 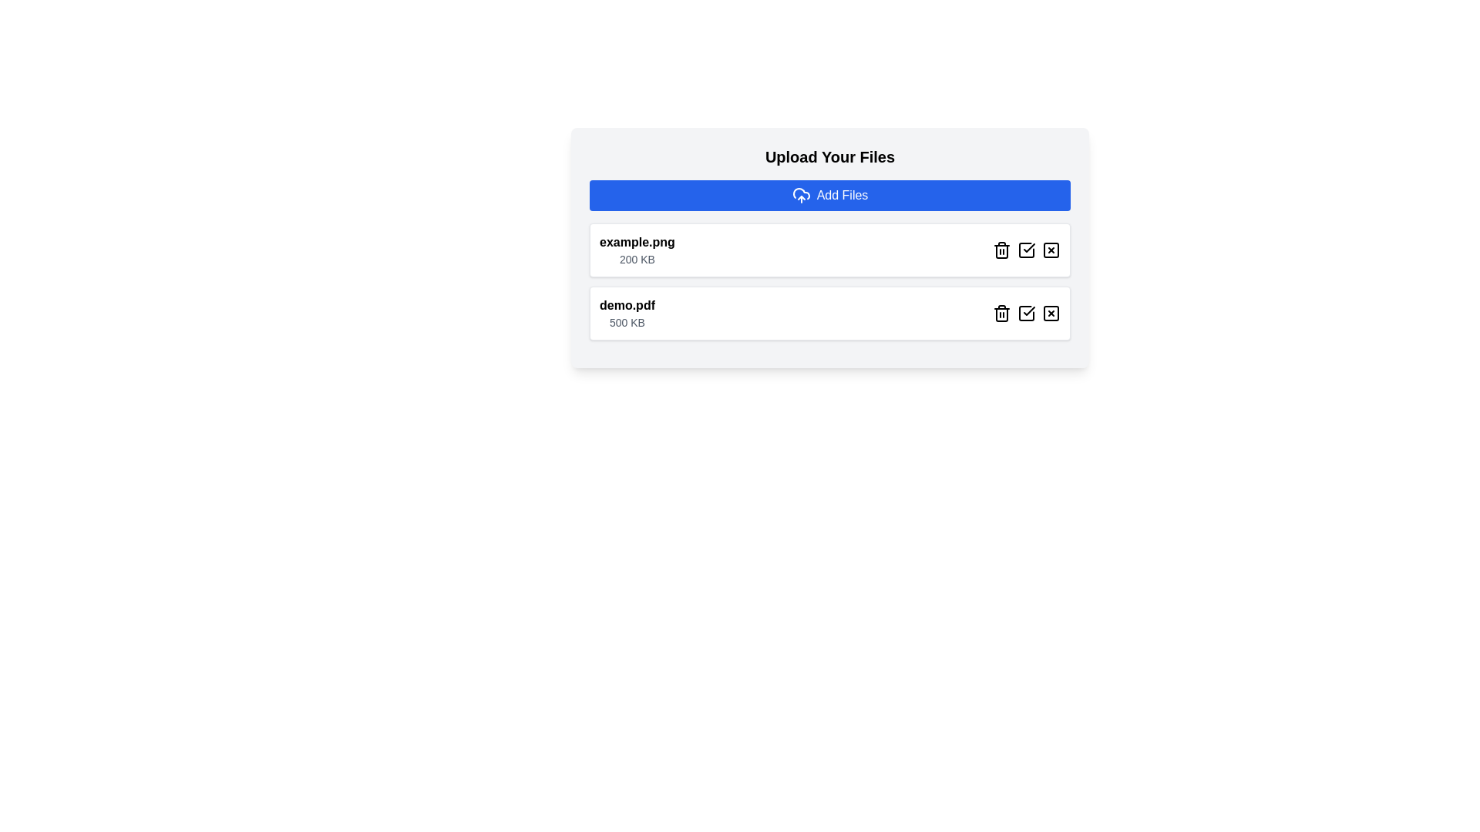 I want to click on the text label representing the first file entry in the list of uploaded files, so click(x=637, y=249).